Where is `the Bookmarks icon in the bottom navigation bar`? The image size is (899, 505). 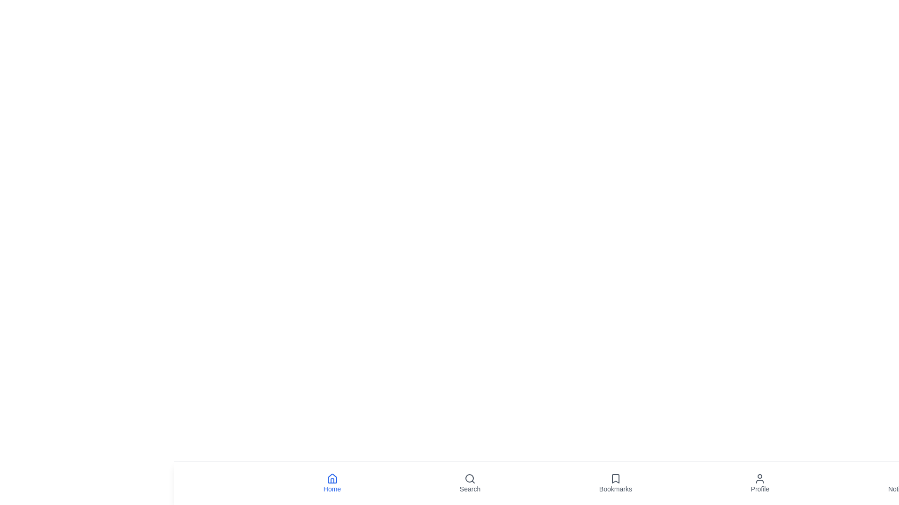 the Bookmarks icon in the bottom navigation bar is located at coordinates (615, 483).